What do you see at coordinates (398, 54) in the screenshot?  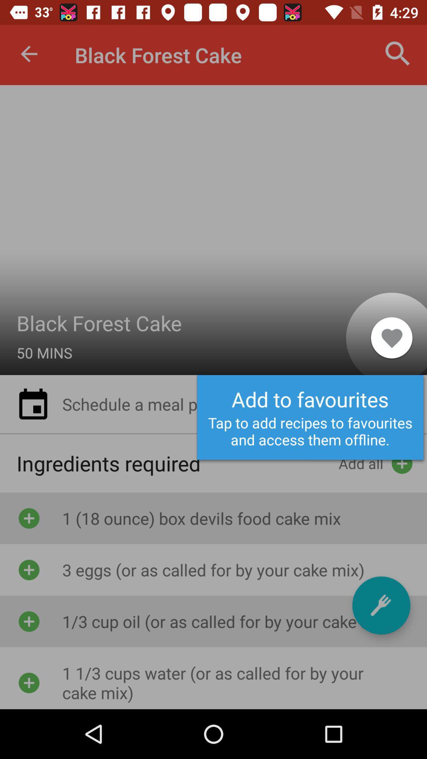 I see `the search icon` at bounding box center [398, 54].